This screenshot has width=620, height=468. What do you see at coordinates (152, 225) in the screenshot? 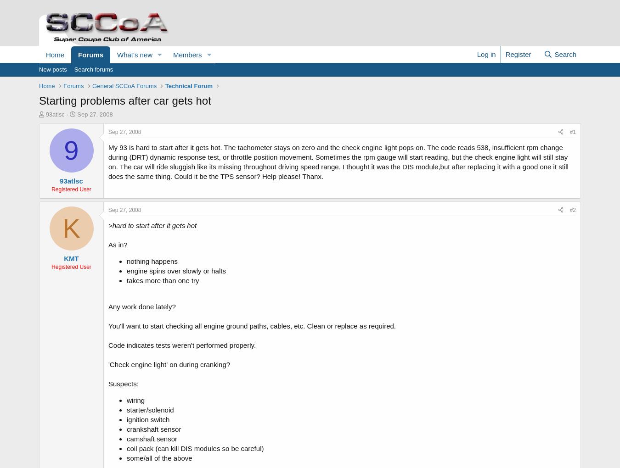
I see `'>hard to start after it gets hot'` at bounding box center [152, 225].